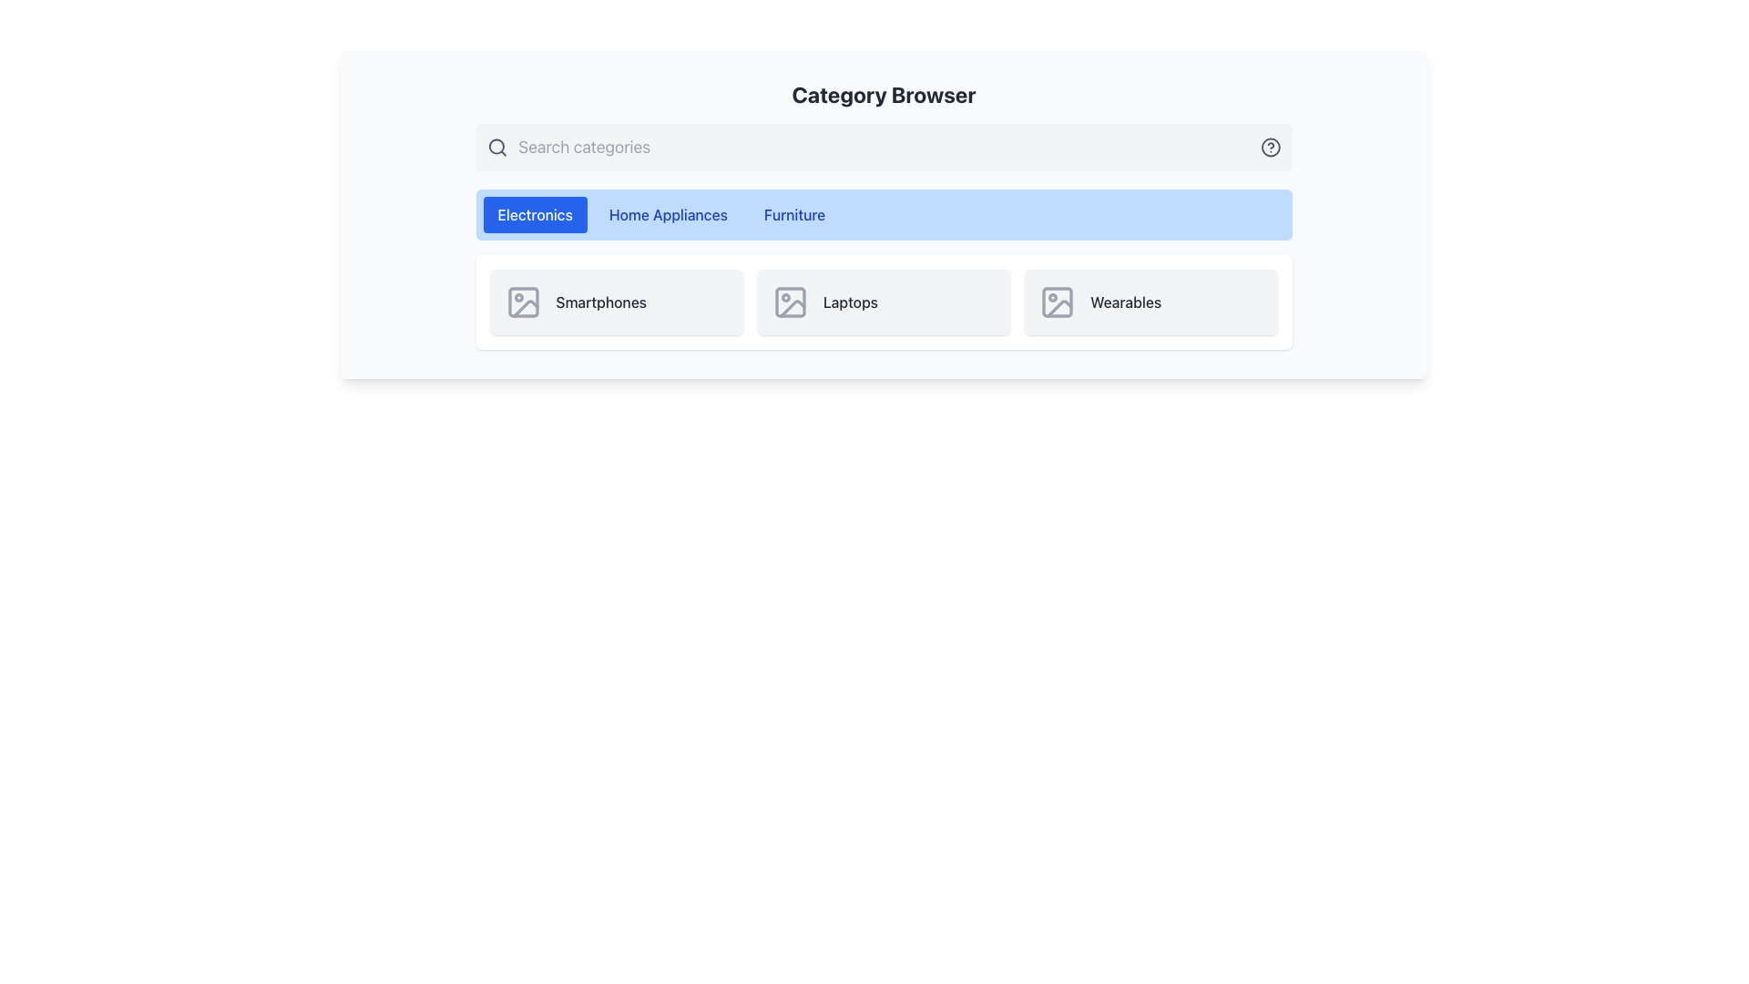 Image resolution: width=1749 pixels, height=984 pixels. Describe the element at coordinates (617, 301) in the screenshot. I see `the 'Smartphones' category button, which is a rectangular button with rounded corners and contains an icon of a photo frame followed by the text 'Smartphones'` at that location.